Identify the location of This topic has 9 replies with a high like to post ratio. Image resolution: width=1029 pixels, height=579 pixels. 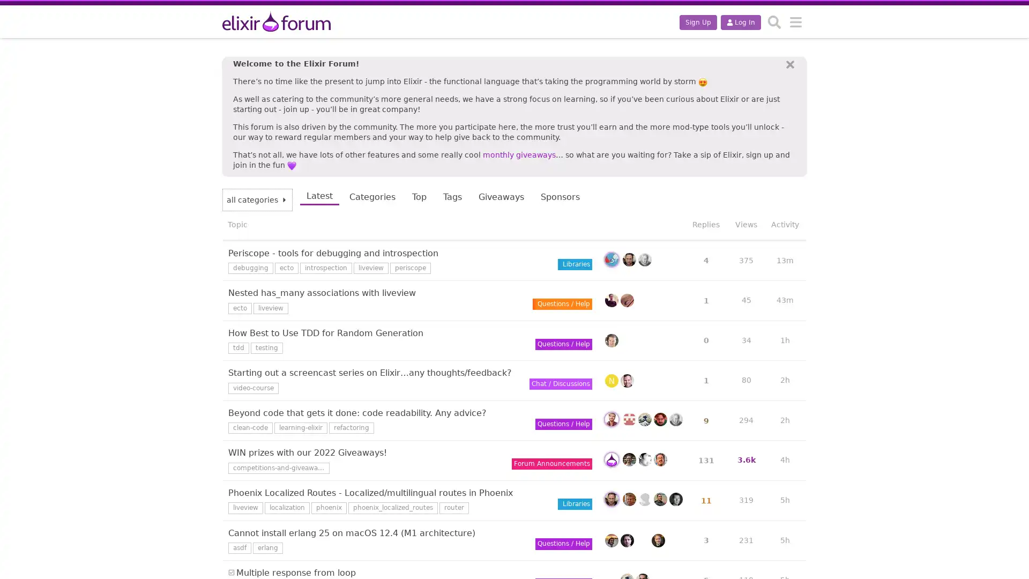
(521, 12).